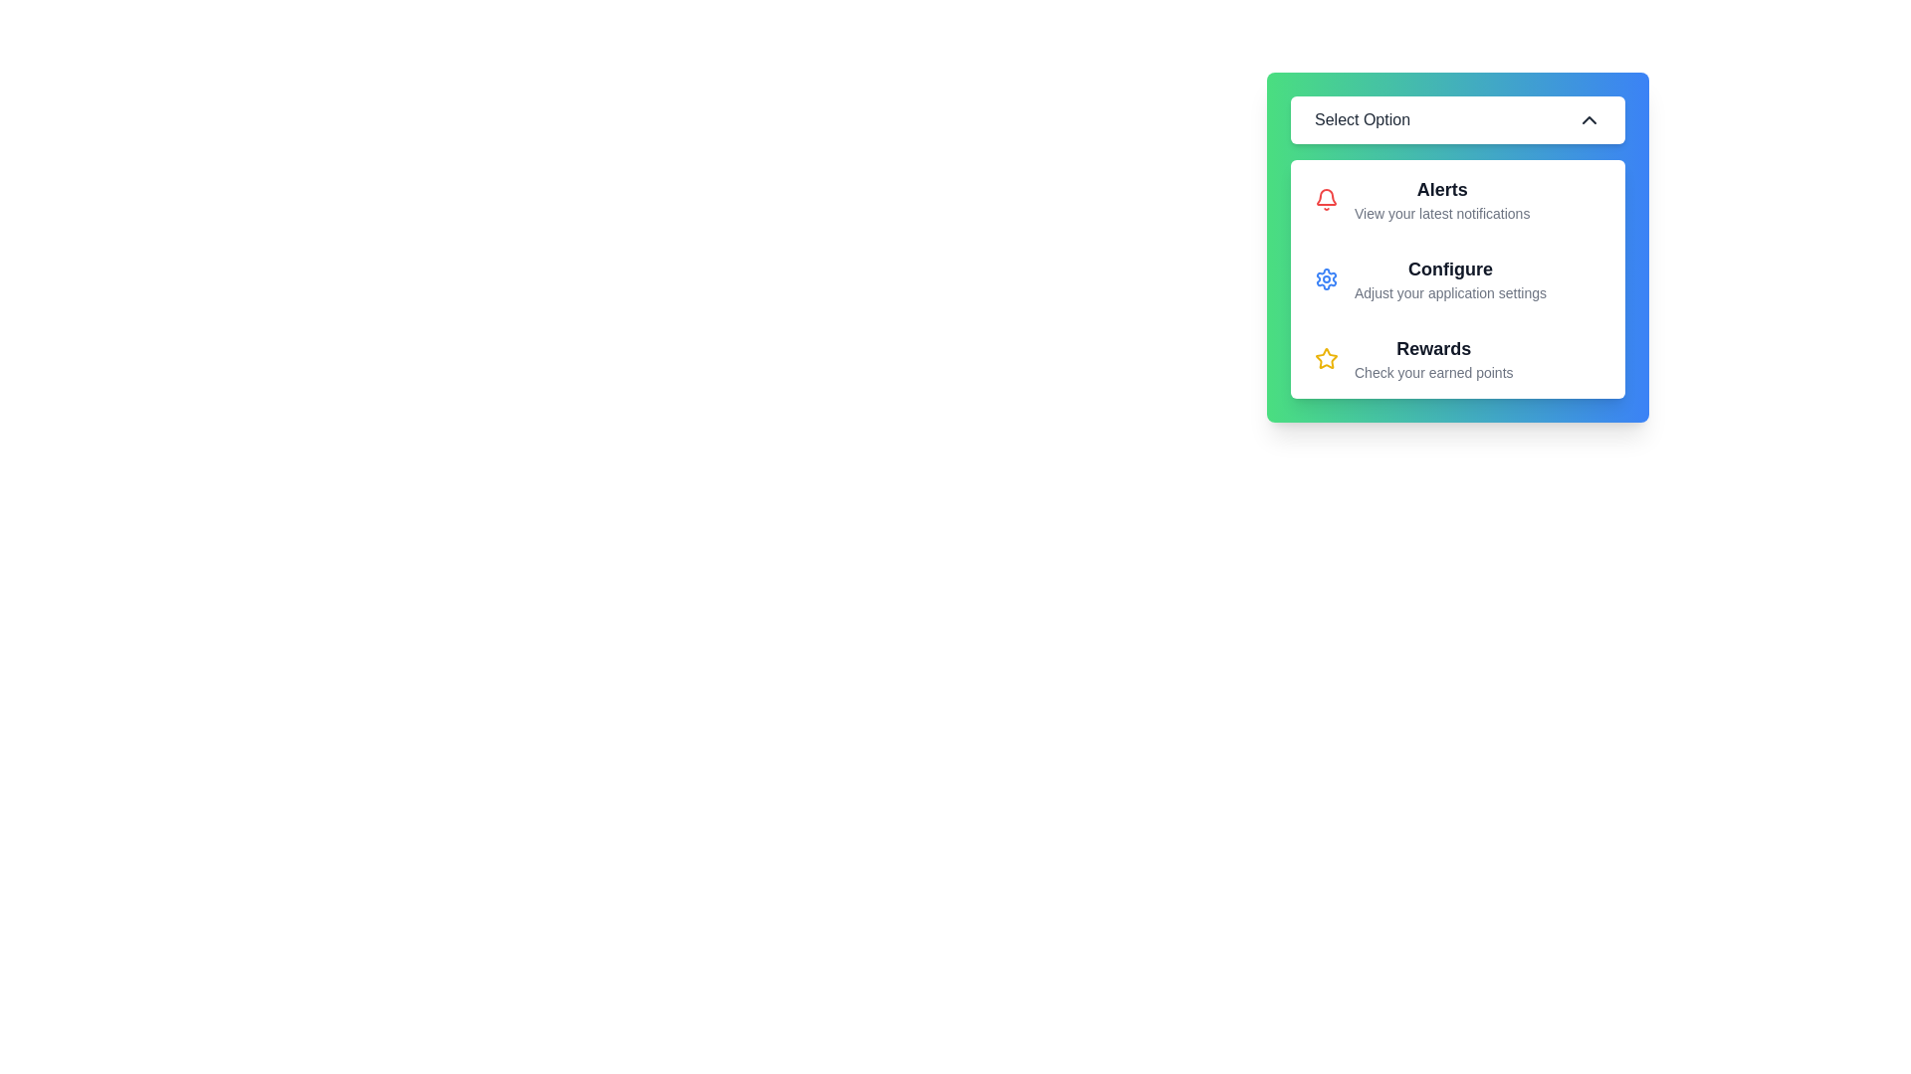 This screenshot has width=1911, height=1074. Describe the element at coordinates (1327, 197) in the screenshot. I see `the bell-shaped SVG icon representing alerts or notifications located at the top left of the dropdown menu in the 'Alerts' row` at that location.